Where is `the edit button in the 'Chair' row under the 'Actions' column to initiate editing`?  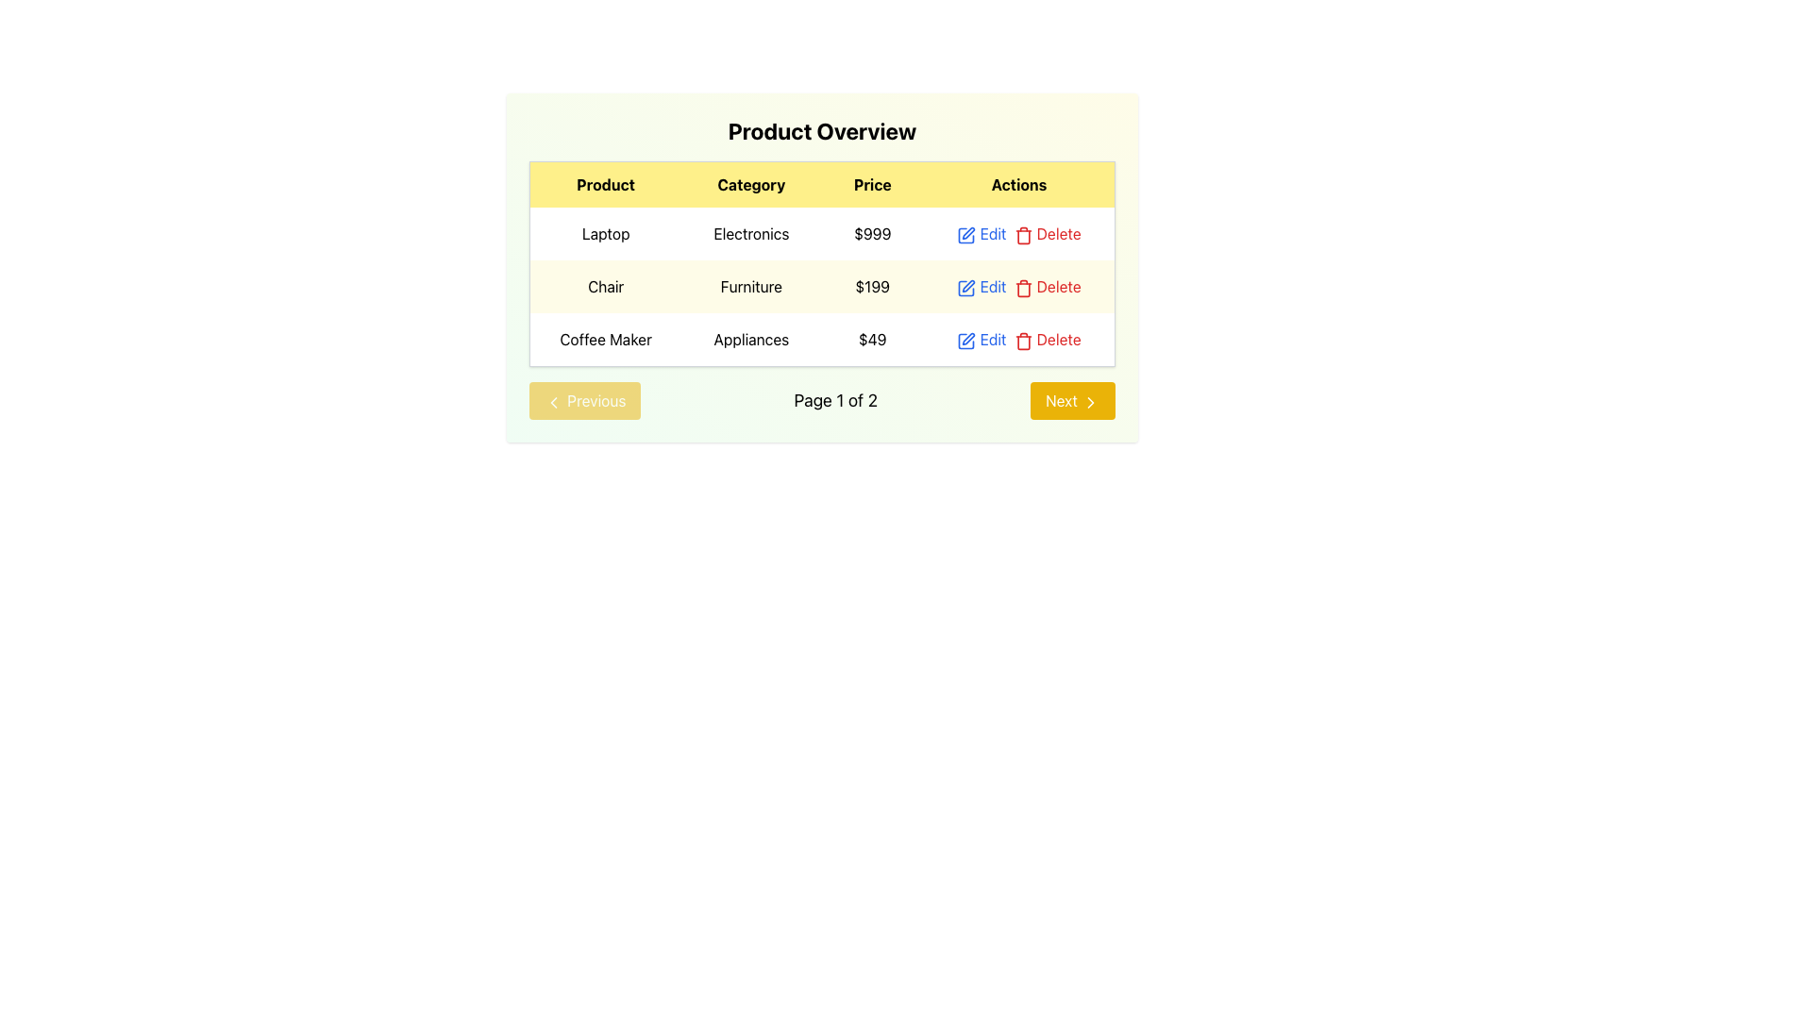
the edit button in the 'Chair' row under the 'Actions' column to initiate editing is located at coordinates (981, 287).